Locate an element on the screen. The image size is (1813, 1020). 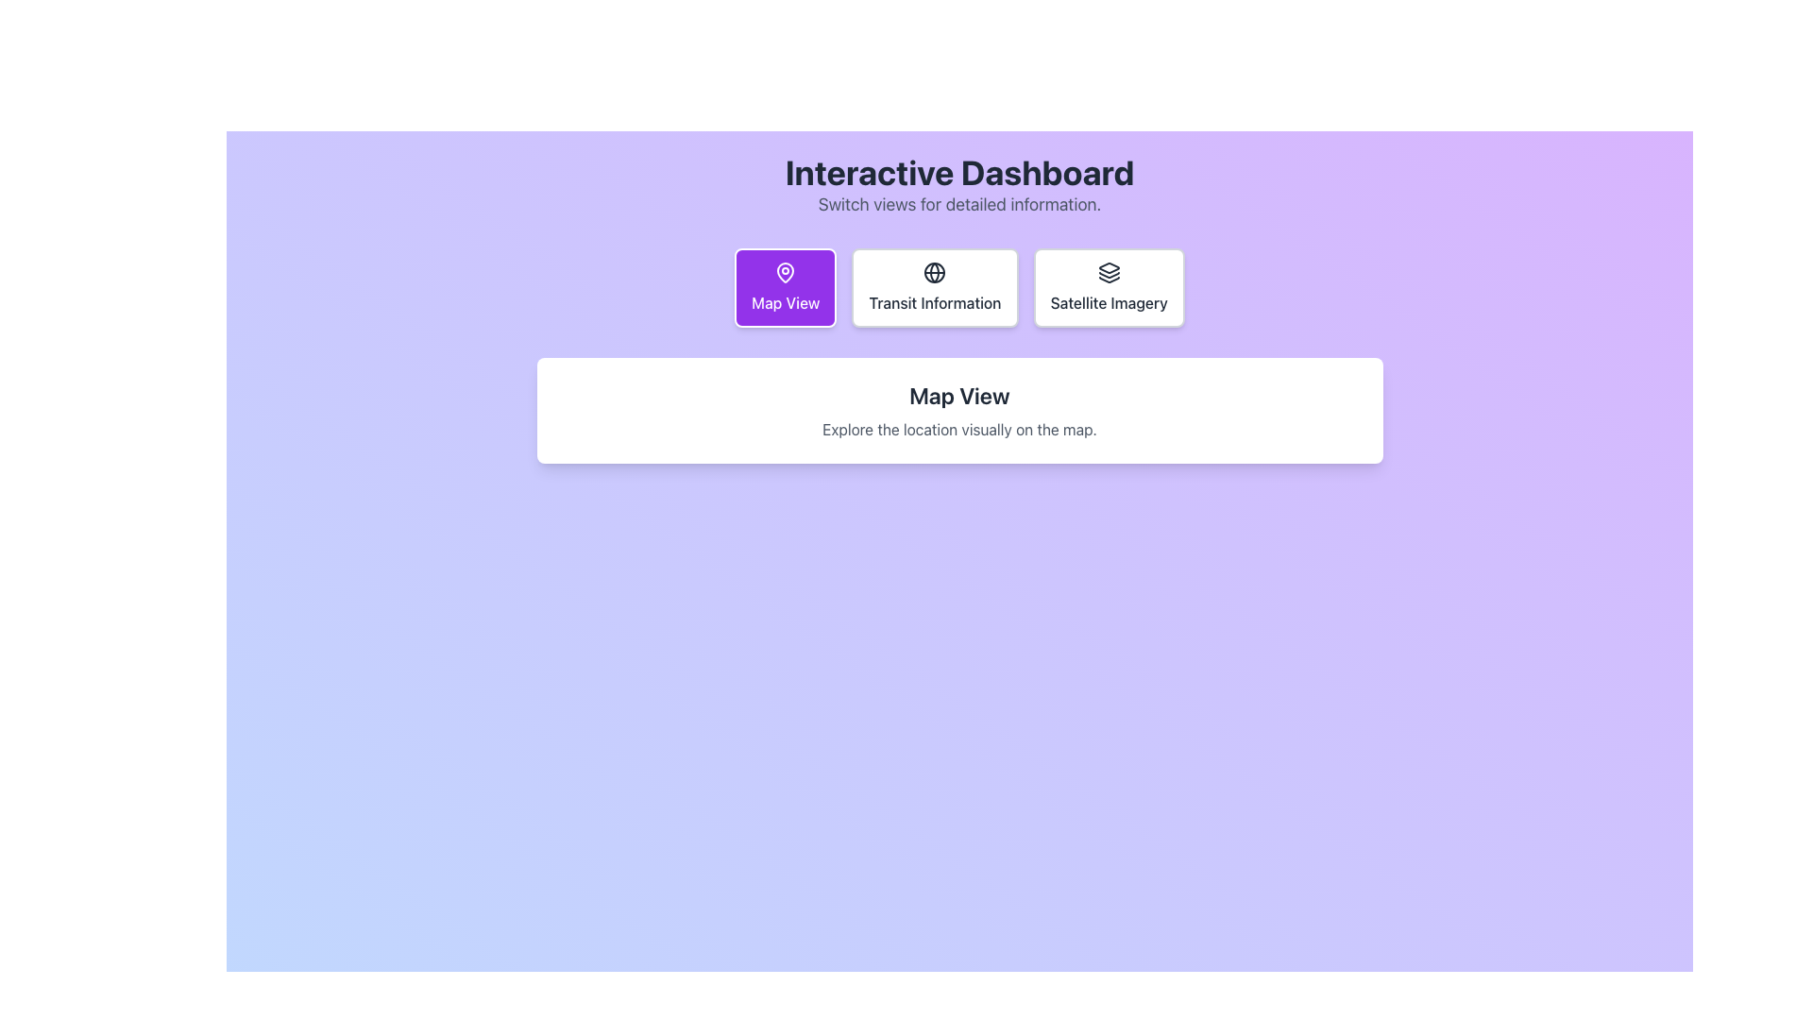
the rightmost button in the horizontal group of three buttons to trigger the hover effect for the 'Satellite Imagery' view is located at coordinates (1109, 287).